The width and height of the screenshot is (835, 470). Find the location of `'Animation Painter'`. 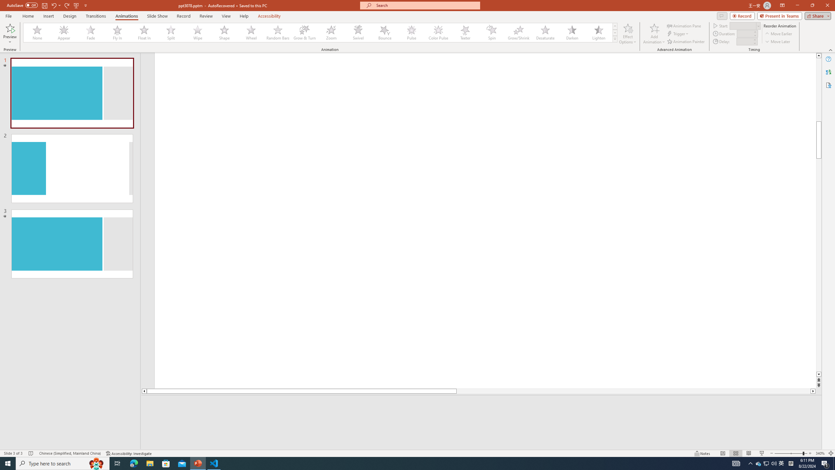

'Animation Painter' is located at coordinates (686, 41).